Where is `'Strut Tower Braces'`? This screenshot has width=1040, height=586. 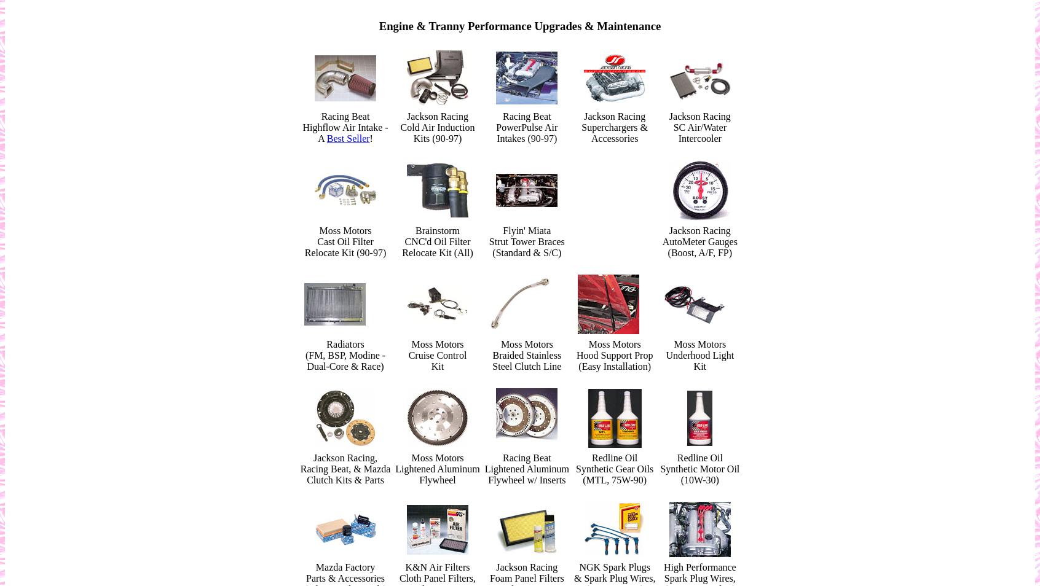
'Strut Tower Braces' is located at coordinates (526, 241).